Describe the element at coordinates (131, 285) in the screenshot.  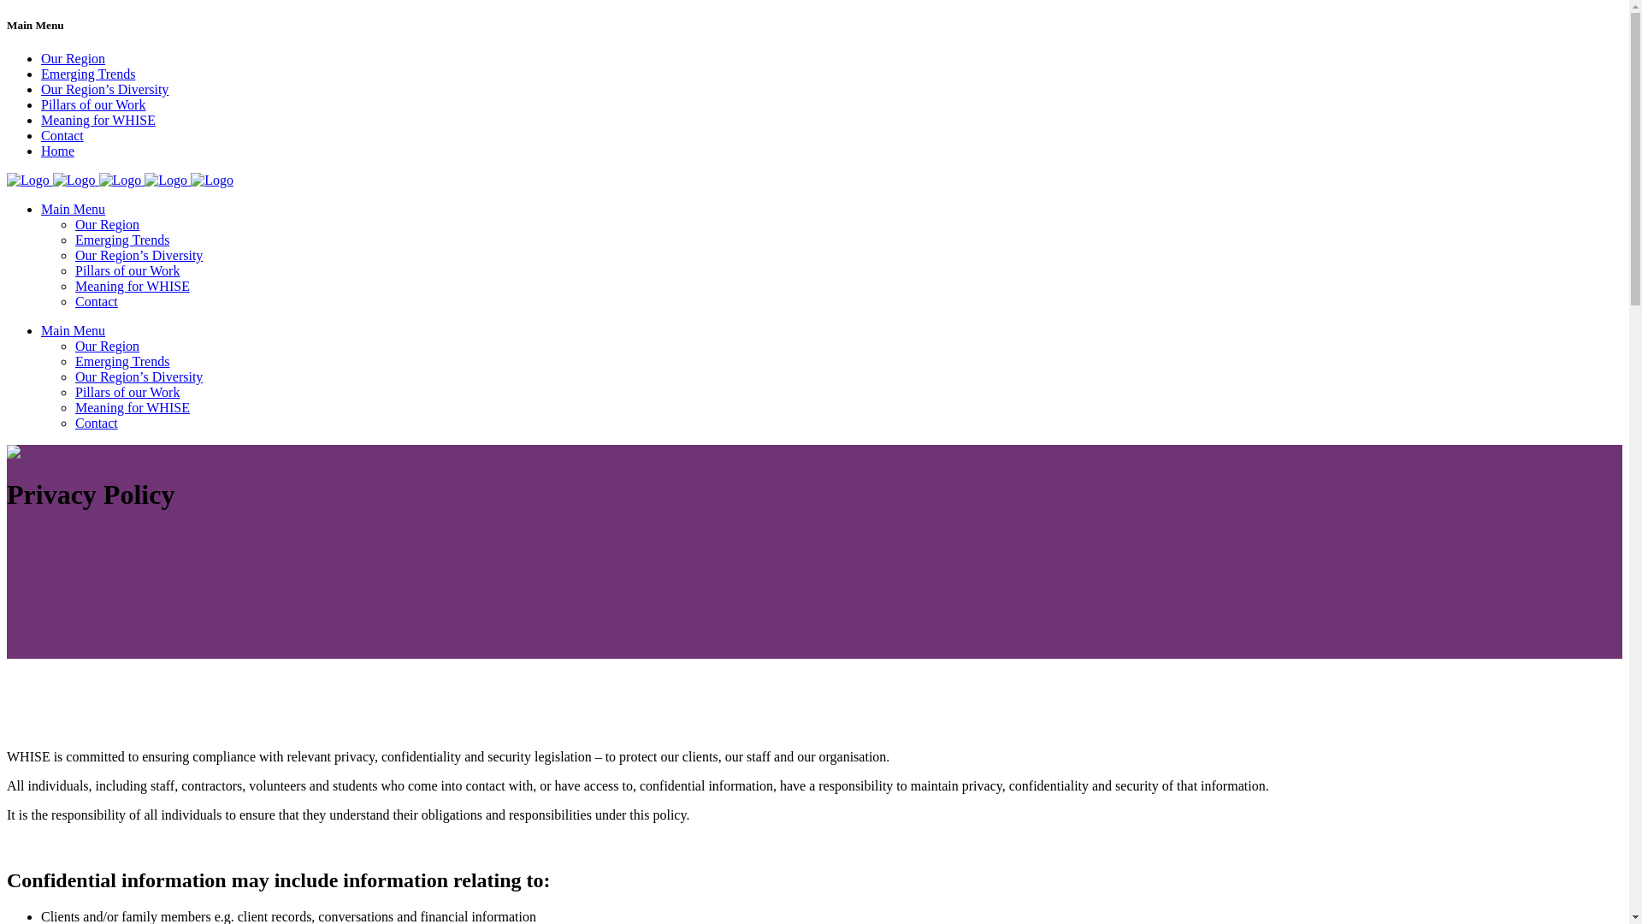
I see `'Meaning for WHISE'` at that location.